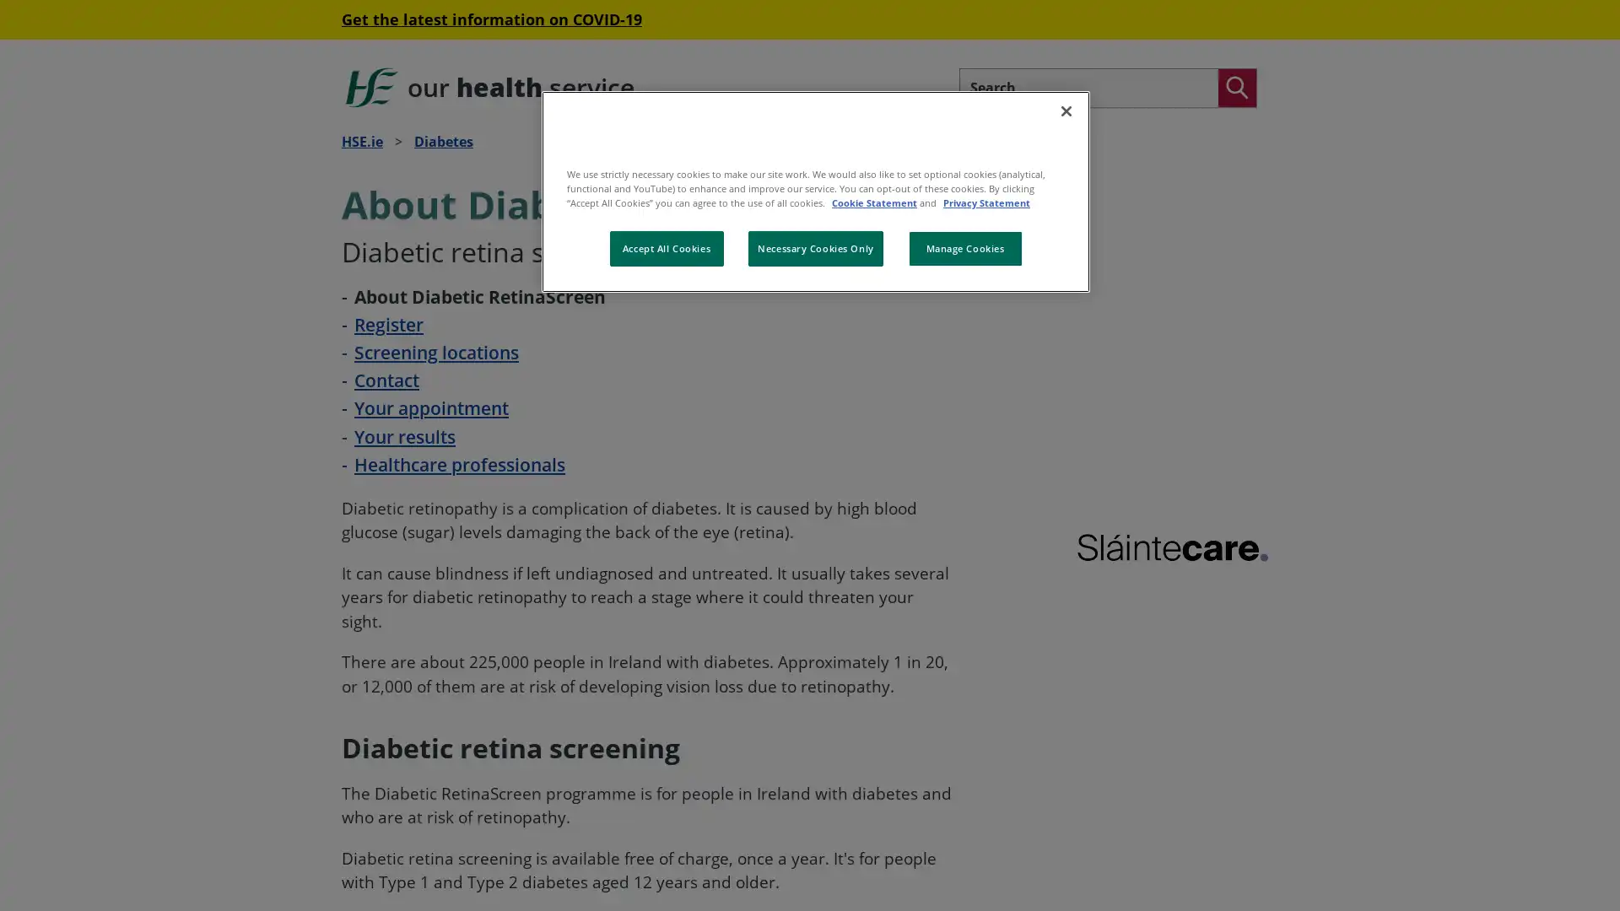 This screenshot has height=911, width=1620. I want to click on Close, so click(1065, 111).